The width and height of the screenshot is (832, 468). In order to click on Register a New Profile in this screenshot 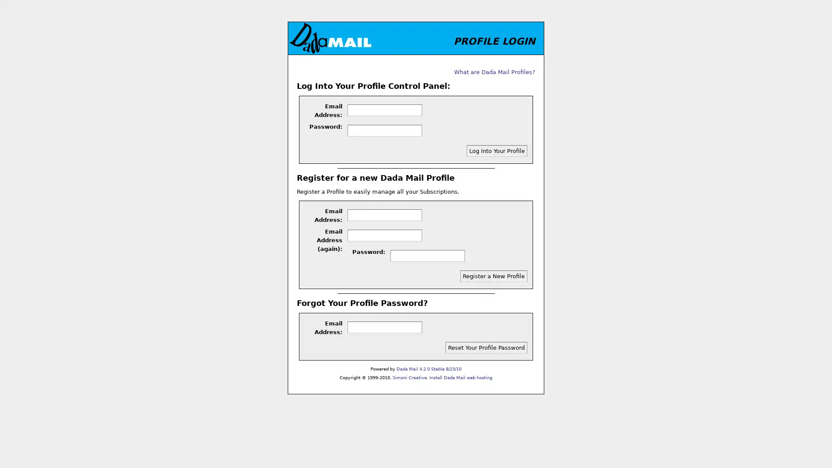, I will do `click(494, 276)`.